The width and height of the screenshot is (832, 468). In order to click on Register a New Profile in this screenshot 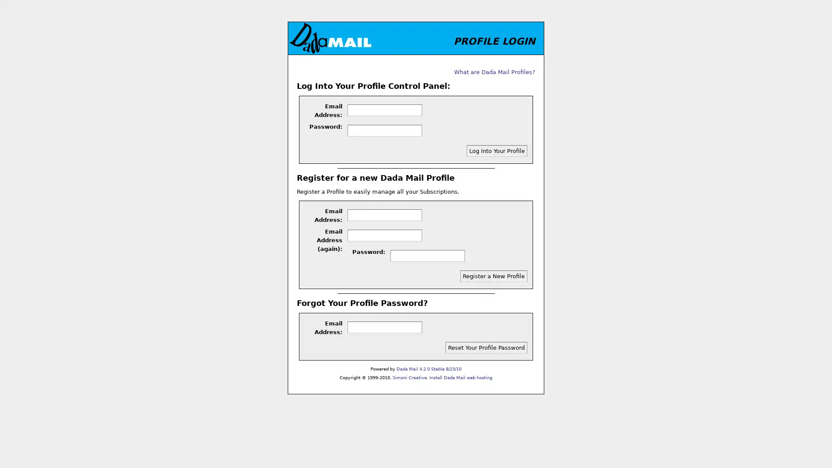, I will do `click(494, 276)`.